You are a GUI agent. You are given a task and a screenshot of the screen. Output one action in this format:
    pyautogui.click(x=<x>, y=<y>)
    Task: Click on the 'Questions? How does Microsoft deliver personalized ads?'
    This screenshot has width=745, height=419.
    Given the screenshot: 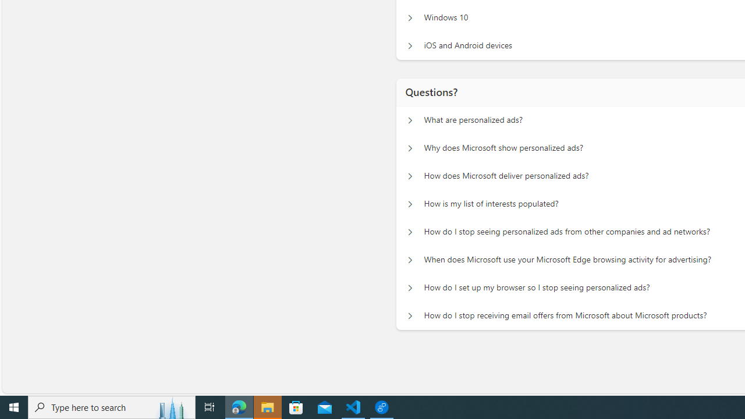 What is the action you would take?
    pyautogui.click(x=410, y=176)
    